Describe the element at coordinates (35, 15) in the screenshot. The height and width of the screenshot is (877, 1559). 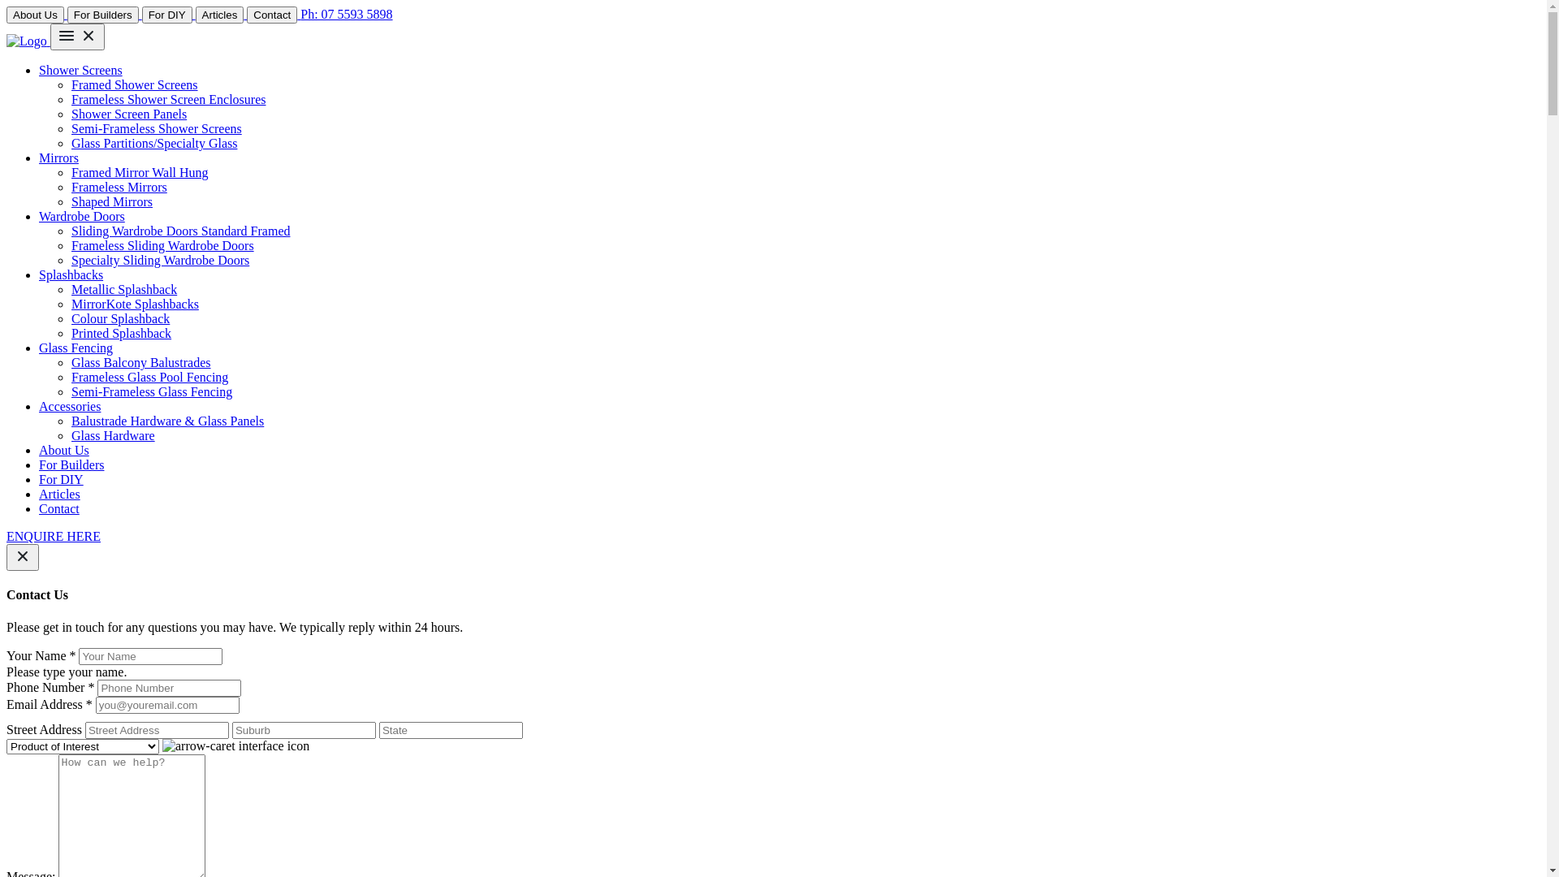
I see `'About Us'` at that location.